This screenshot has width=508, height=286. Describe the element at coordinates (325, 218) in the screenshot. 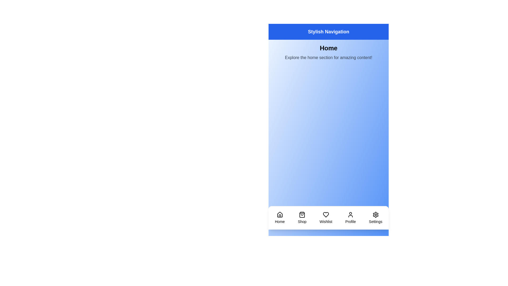

I see `the Wishlist tab in the bottom navigation bar` at that location.